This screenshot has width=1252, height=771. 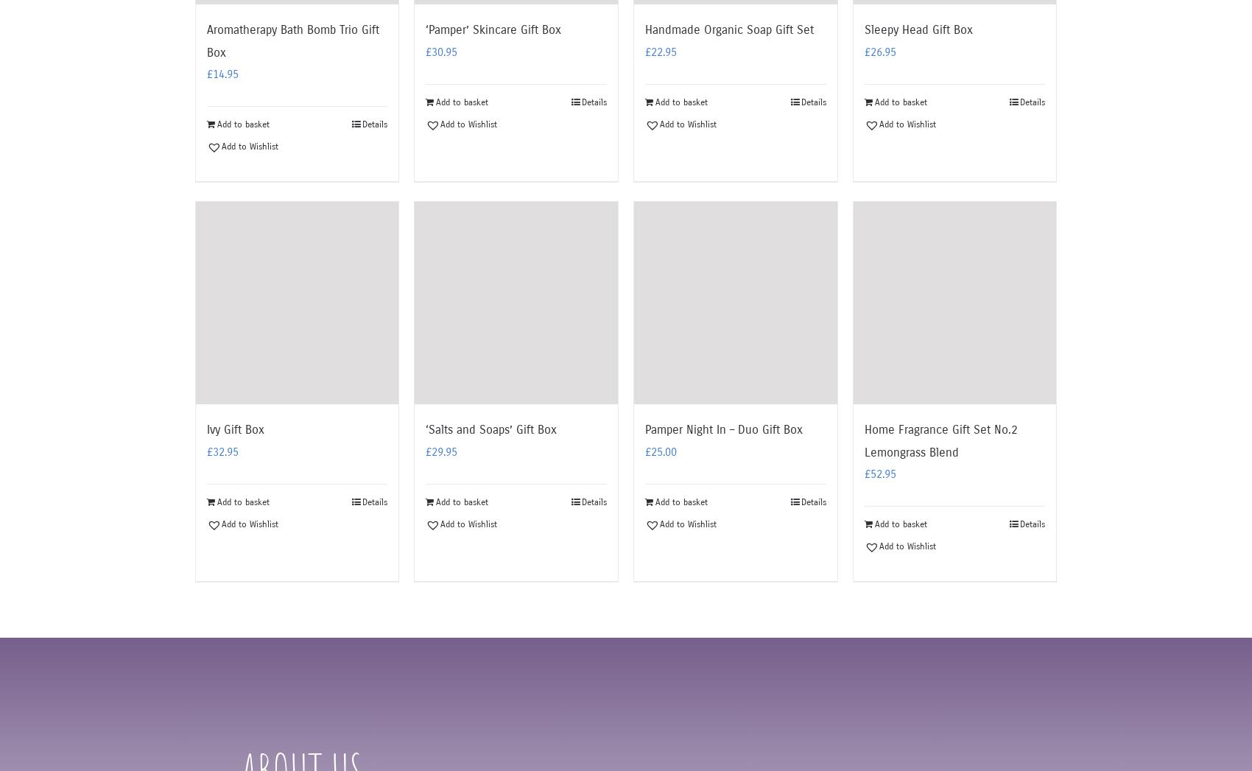 I want to click on '‘Salts and Soaps’ Gift Box', so click(x=491, y=429).